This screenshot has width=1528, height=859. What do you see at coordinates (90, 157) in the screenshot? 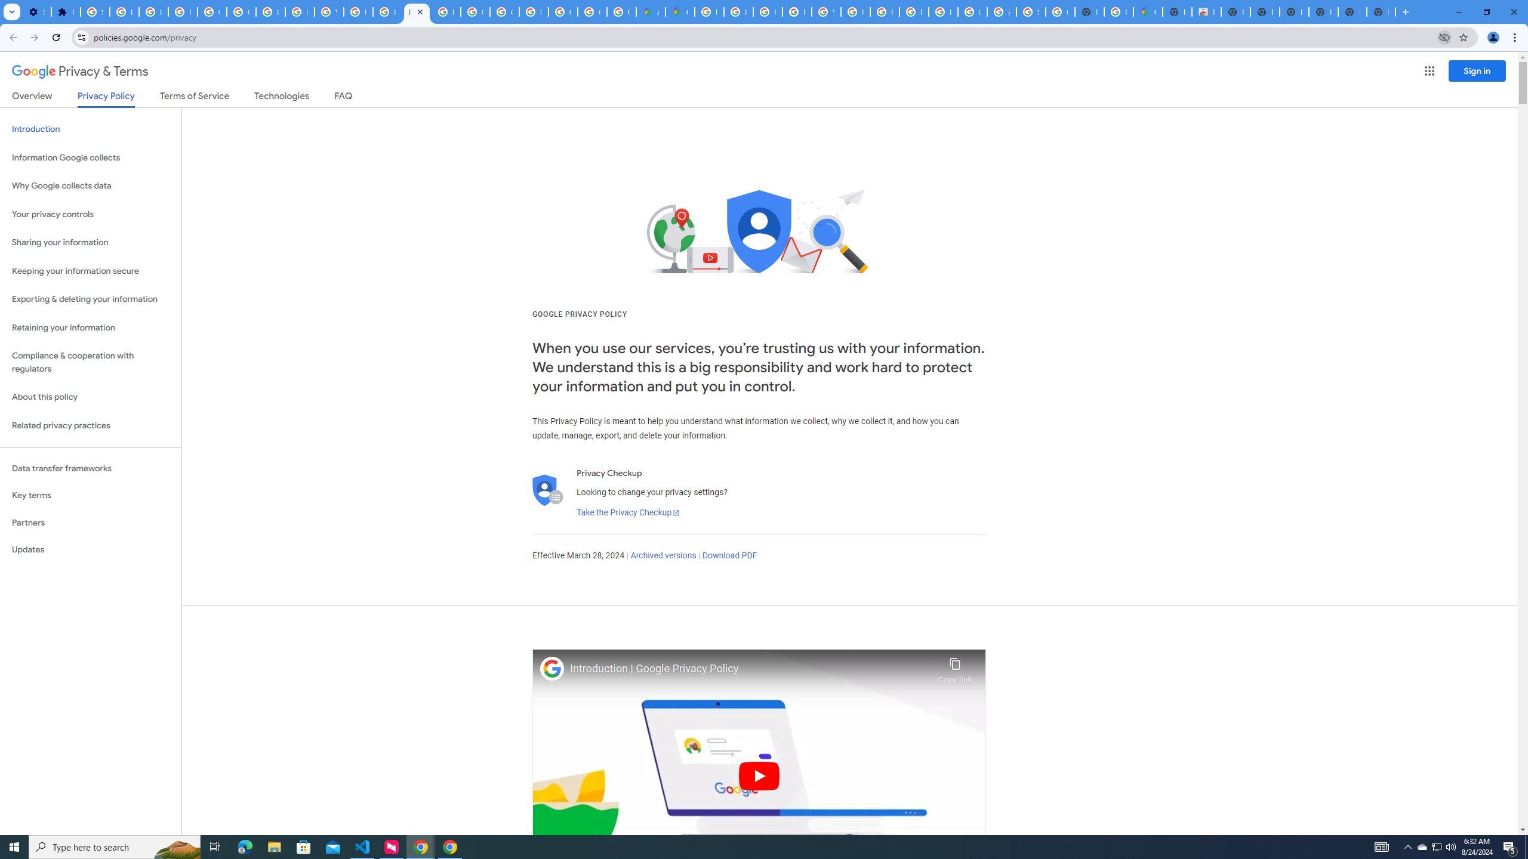
I see `'Information Google collects'` at bounding box center [90, 157].